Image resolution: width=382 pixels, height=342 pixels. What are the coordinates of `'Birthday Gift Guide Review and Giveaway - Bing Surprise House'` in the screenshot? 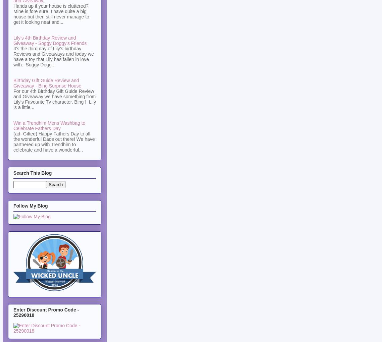 It's located at (47, 83).